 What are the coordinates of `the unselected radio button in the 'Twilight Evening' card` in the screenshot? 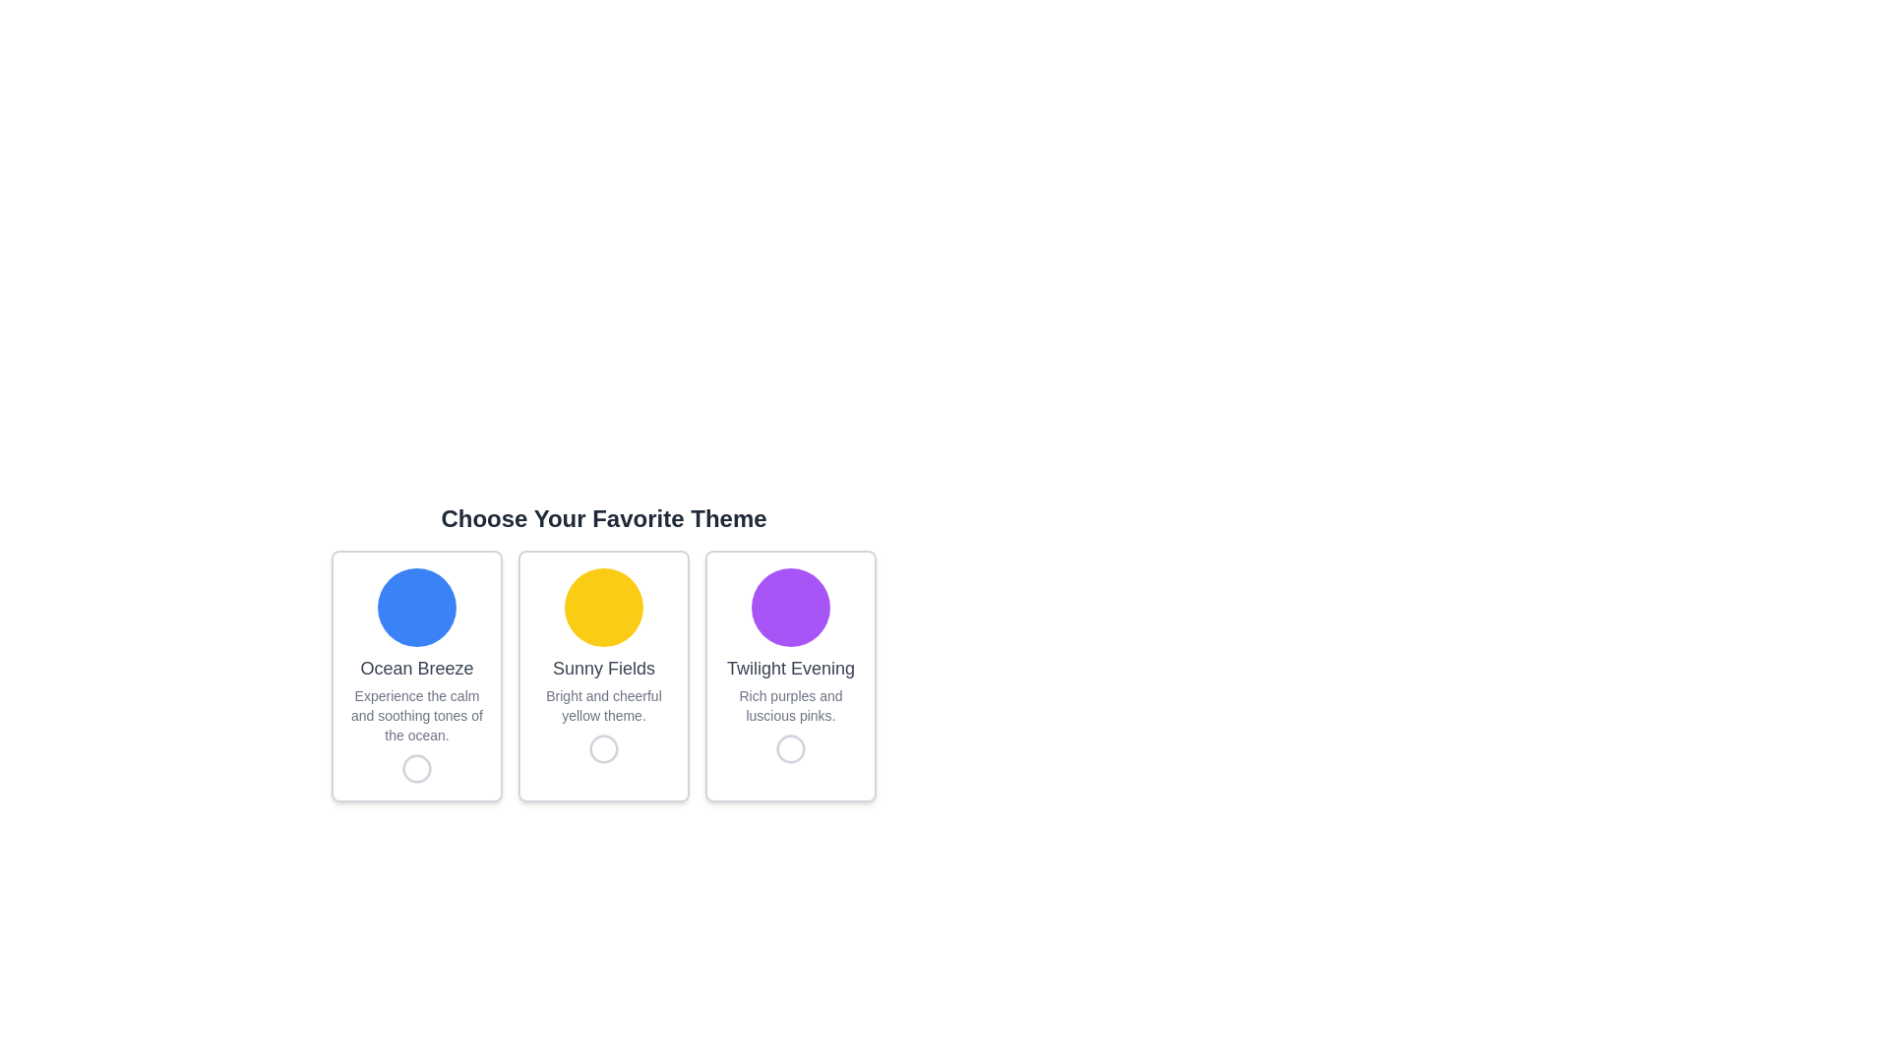 It's located at (791, 749).